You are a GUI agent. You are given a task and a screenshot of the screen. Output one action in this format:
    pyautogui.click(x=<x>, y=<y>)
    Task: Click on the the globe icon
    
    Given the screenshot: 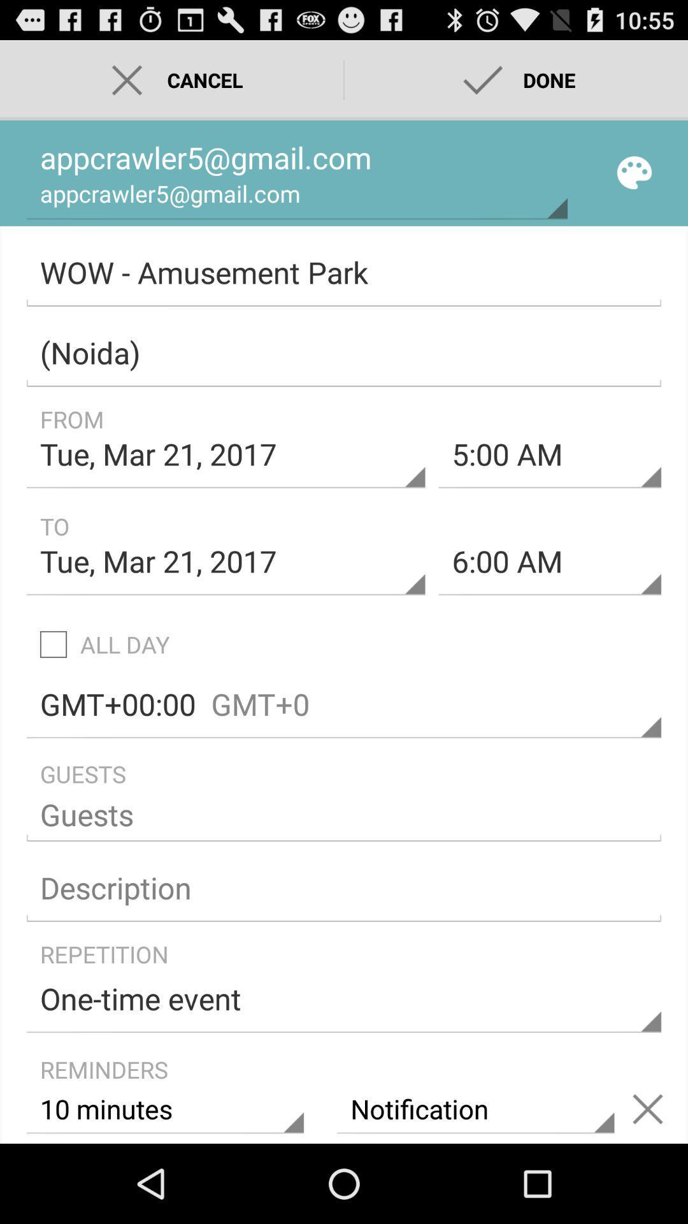 What is the action you would take?
    pyautogui.click(x=634, y=184)
    